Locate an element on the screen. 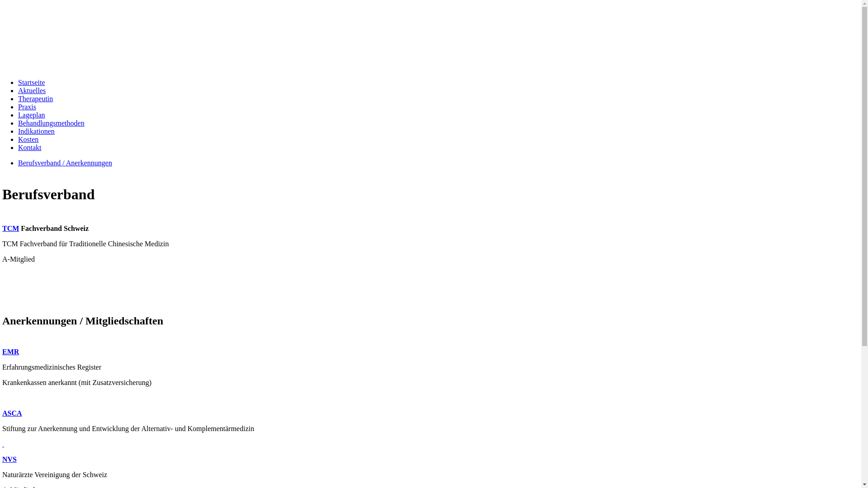 Image resolution: width=868 pixels, height=488 pixels. 'Praxis' is located at coordinates (18, 106).